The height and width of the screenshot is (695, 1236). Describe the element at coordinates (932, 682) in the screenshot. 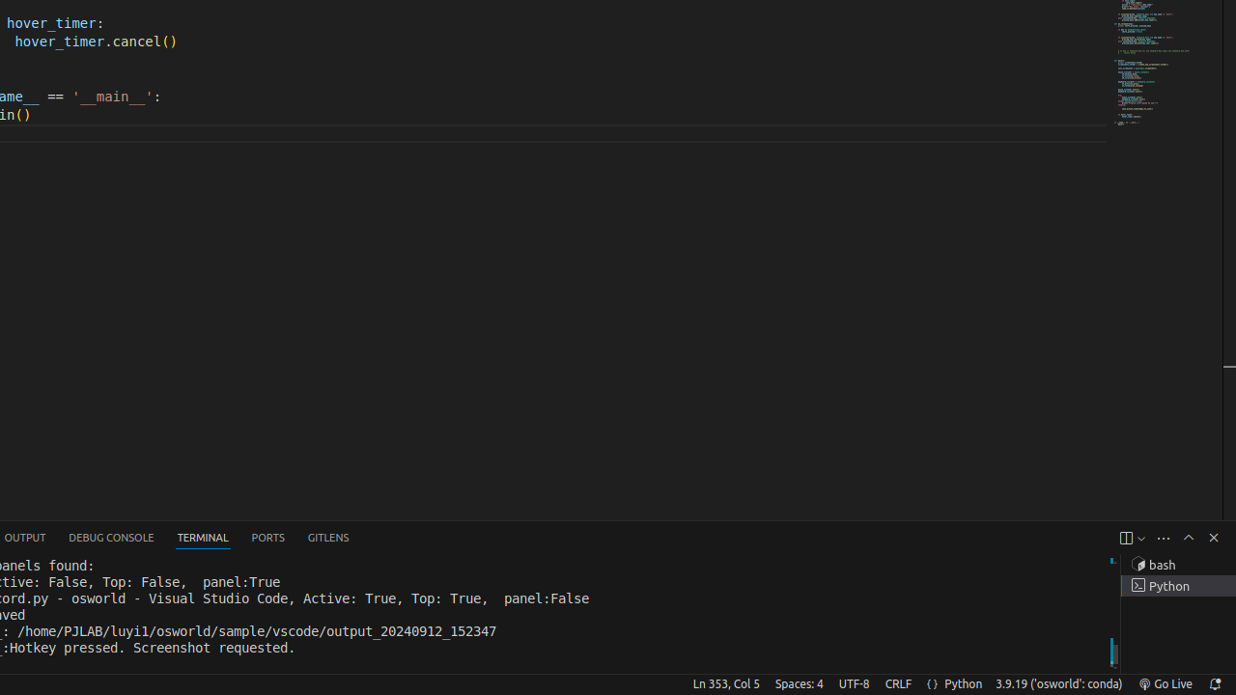

I see `'Editor Language Status: Auto Import Completions: false, next: Type Checking: off'` at that location.